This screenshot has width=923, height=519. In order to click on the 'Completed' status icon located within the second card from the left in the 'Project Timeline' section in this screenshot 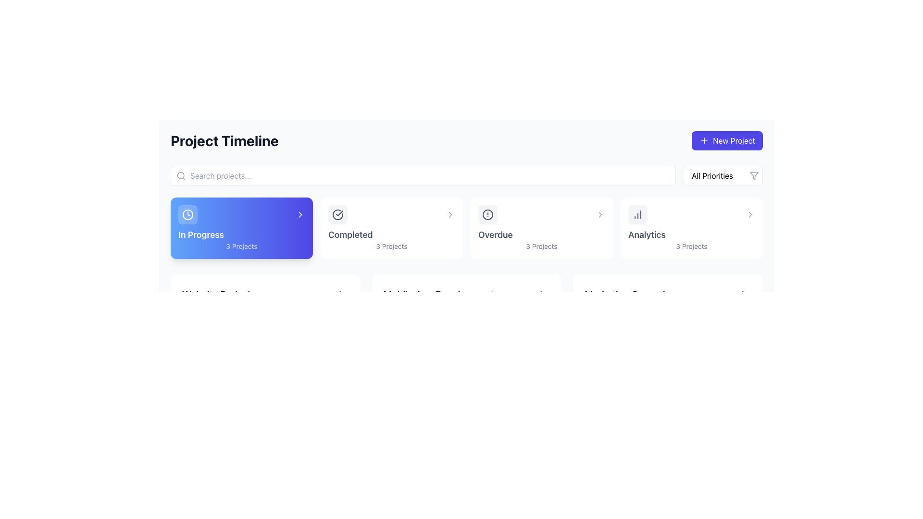, I will do `click(337, 214)`.